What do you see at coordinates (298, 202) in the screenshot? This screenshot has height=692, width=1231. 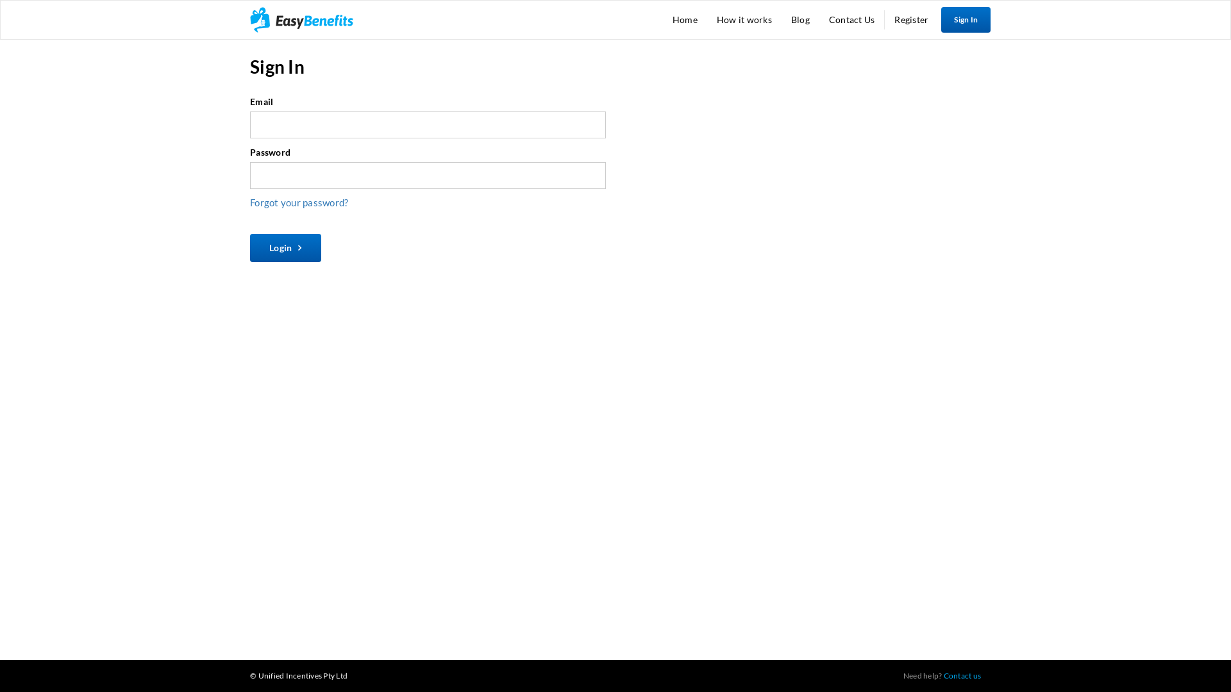 I see `'Forgot your password?'` at bounding box center [298, 202].